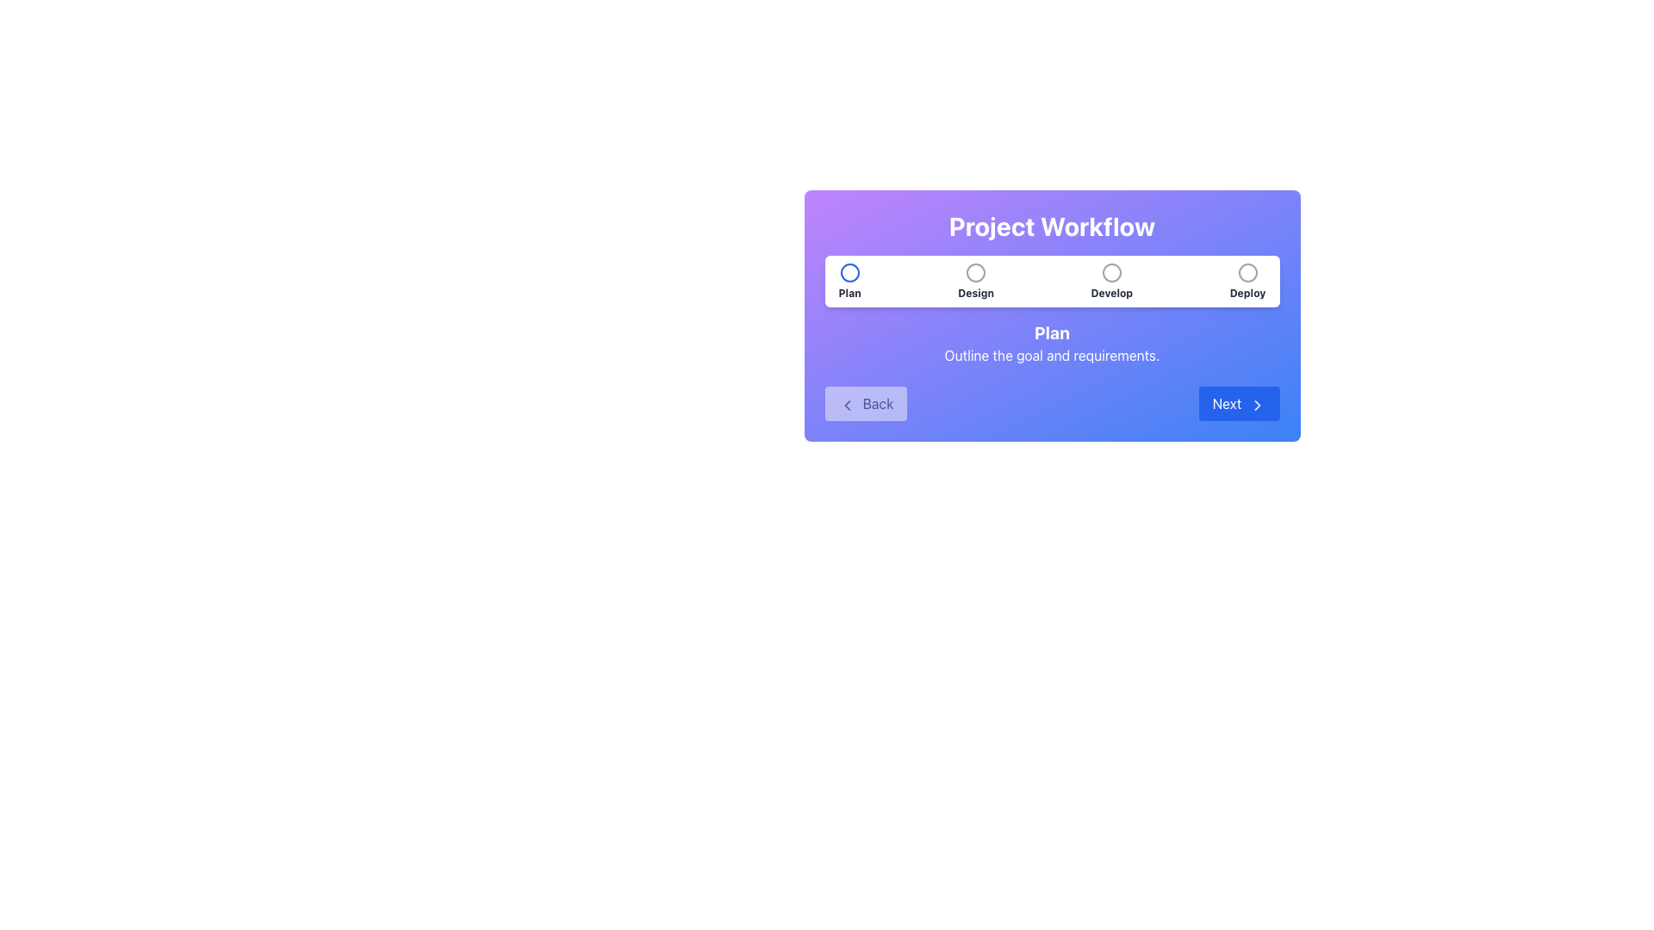 The height and width of the screenshot is (930, 1654). Describe the element at coordinates (1051, 343) in the screenshot. I see `text block titled 'Plan' which contains the larger bold text and the smaller explanatory text 'Outline the goal and requirements.' located below the navigation tabs in the 'Project Workflow' card` at that location.